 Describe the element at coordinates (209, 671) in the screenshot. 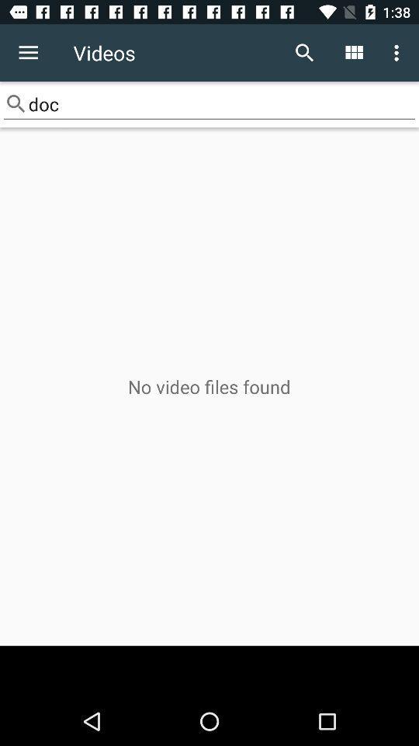

I see `the icon below no video files item` at that location.